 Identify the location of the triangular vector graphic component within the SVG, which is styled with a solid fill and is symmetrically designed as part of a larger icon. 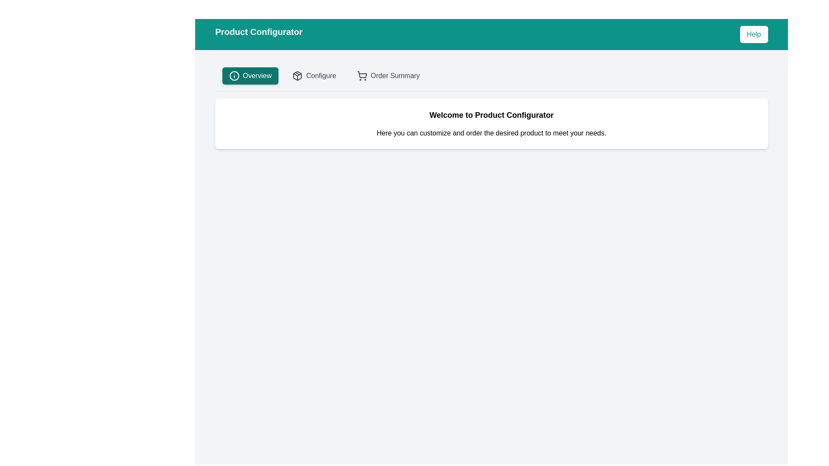
(297, 74).